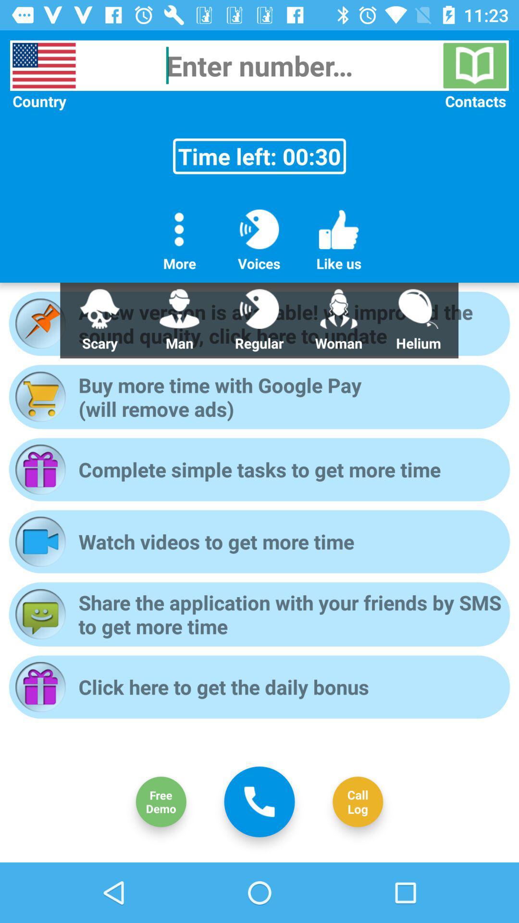 The image size is (519, 923). I want to click on the national_flag icon, so click(44, 65).